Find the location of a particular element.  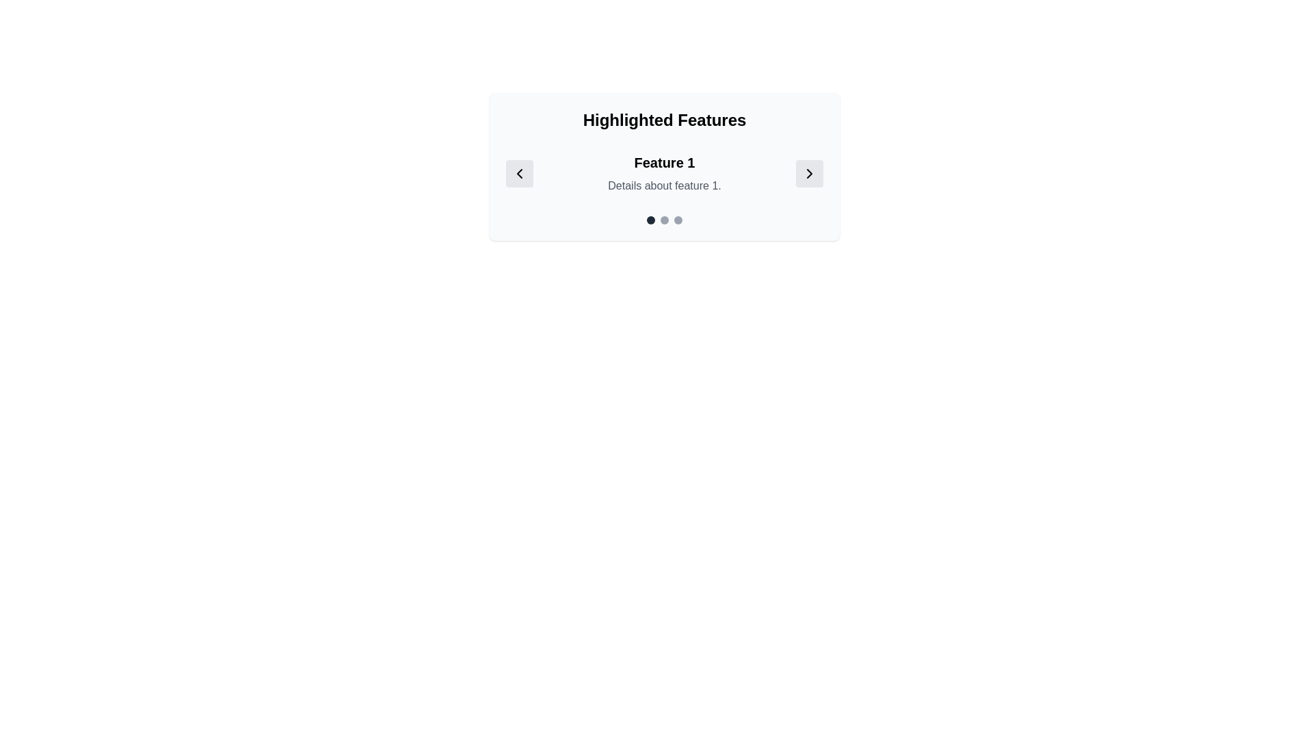

the Navigation indicator located below the 'Highlighted Features' section, specifically under 'Feature 1', which is the leftmost of three horizontally aligned indicators is located at coordinates (650, 219).